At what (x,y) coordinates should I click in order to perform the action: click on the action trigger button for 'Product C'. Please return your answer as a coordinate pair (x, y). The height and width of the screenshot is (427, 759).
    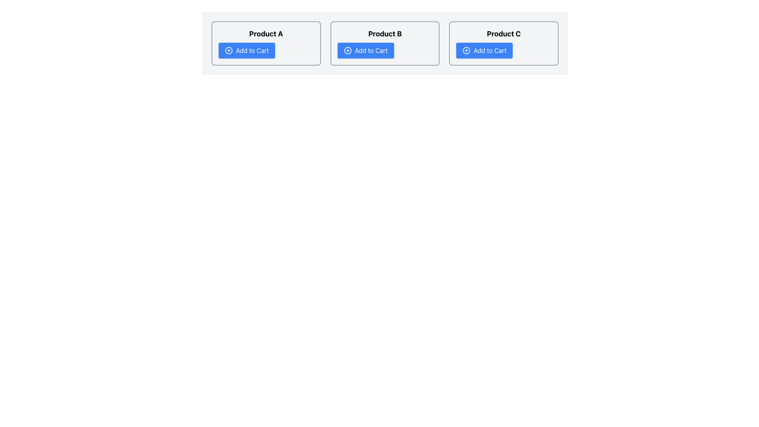
    Looking at the image, I should click on (484, 50).